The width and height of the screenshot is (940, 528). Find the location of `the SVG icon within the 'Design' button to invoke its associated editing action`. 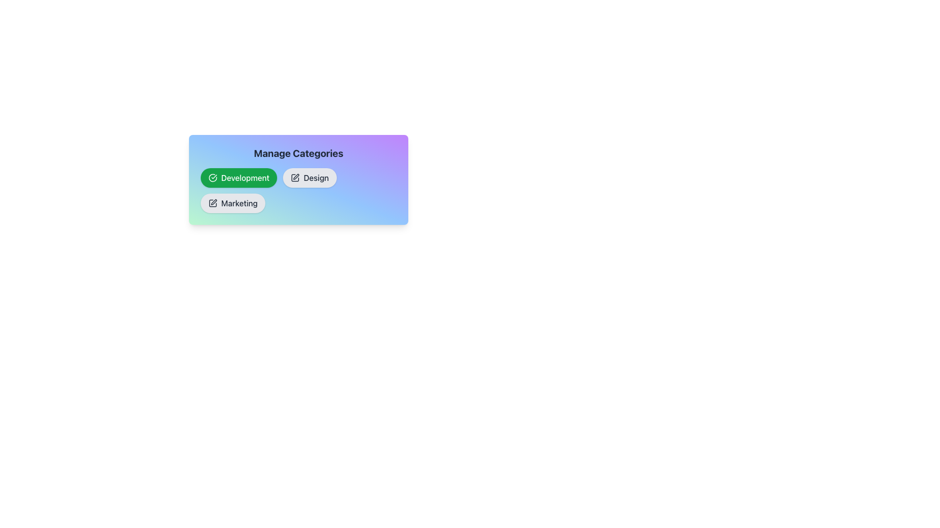

the SVG icon within the 'Design' button to invoke its associated editing action is located at coordinates (295, 177).